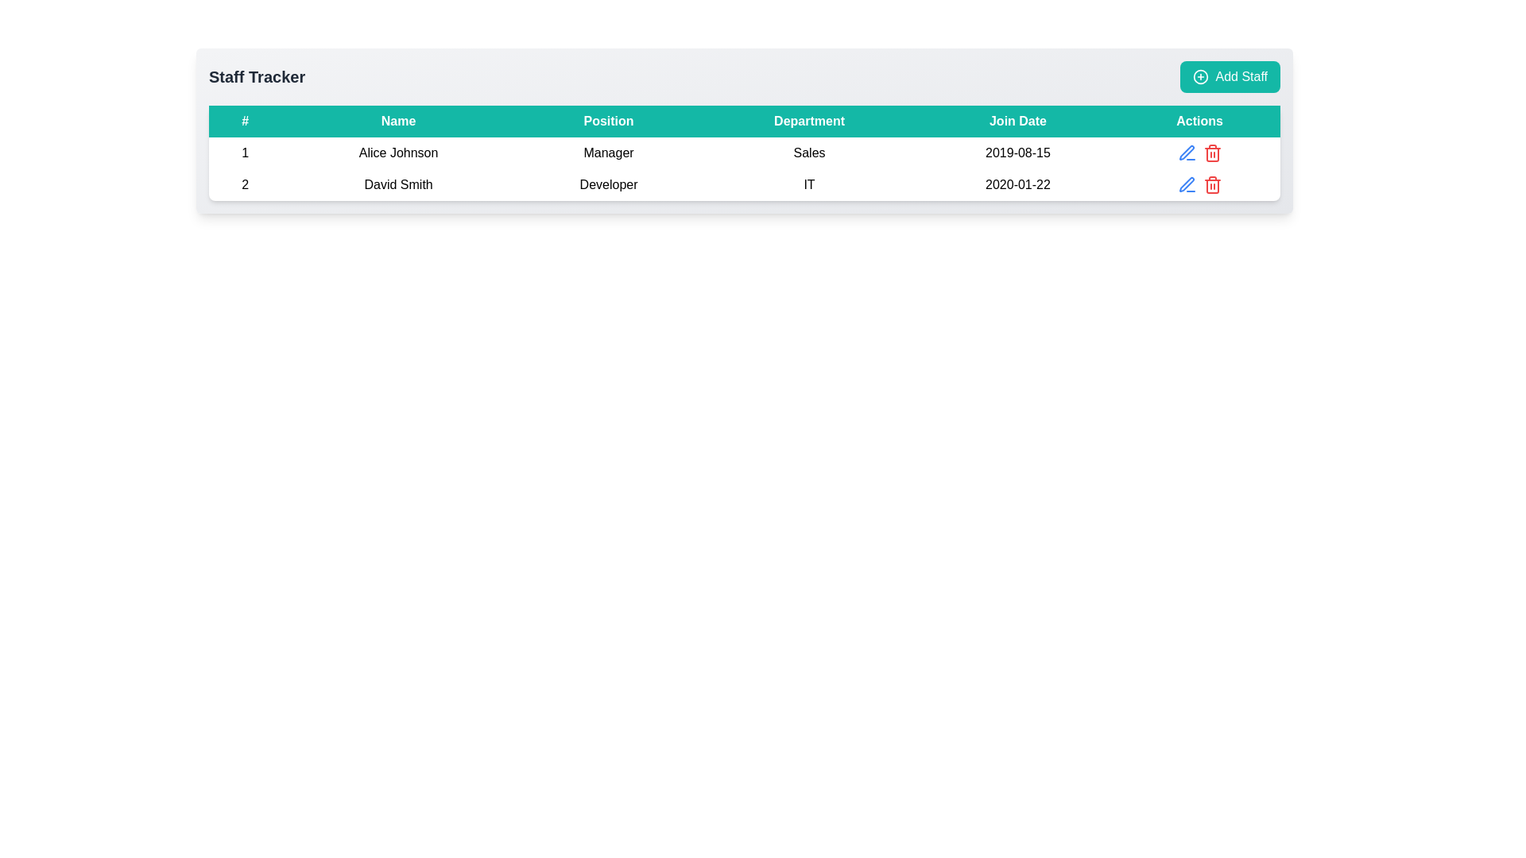 The width and height of the screenshot is (1526, 858). I want to click on the text display element showing the name 'David Smith' in the second row of the tabular interface, between the number '2' and the position 'Developer', so click(398, 184).